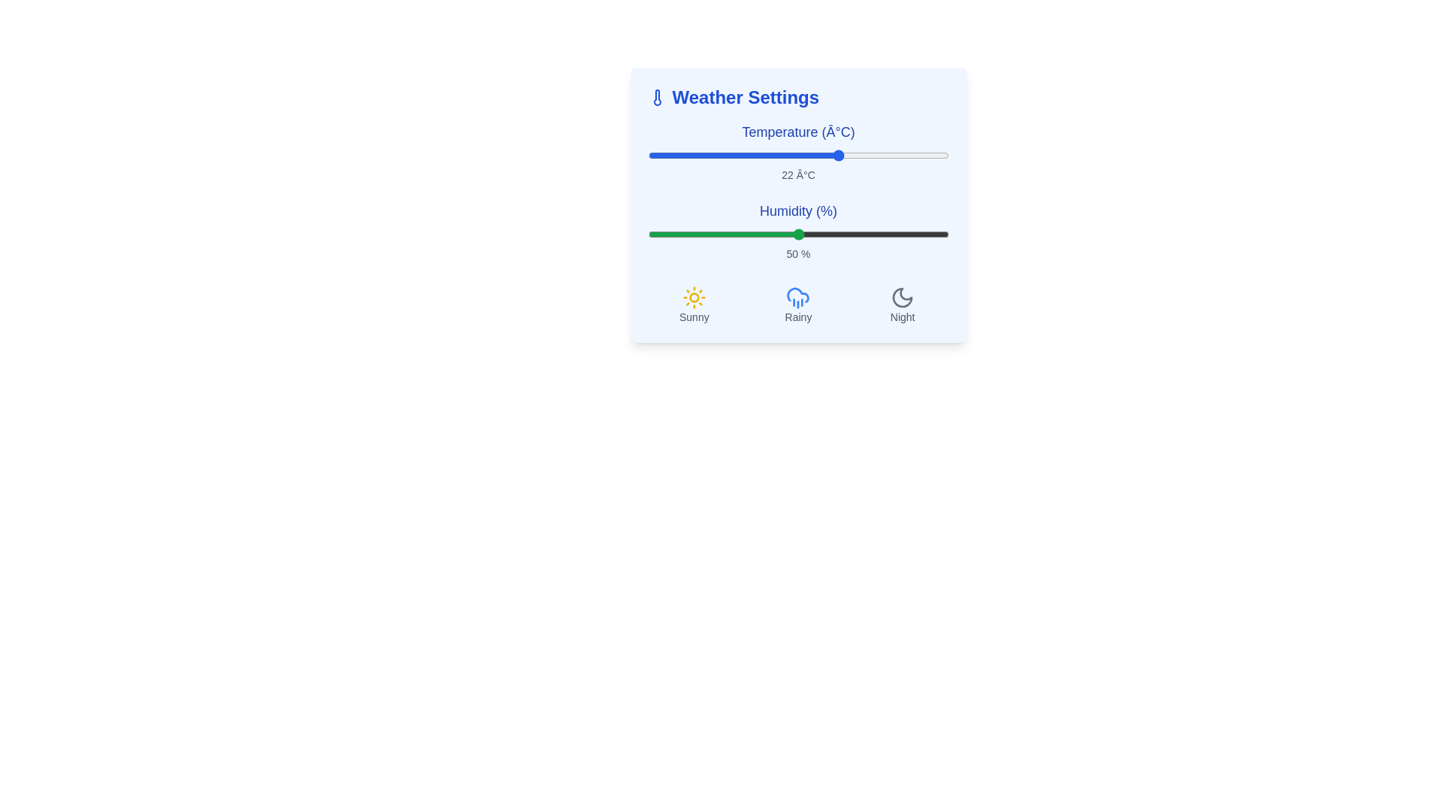  Describe the element at coordinates (797, 253) in the screenshot. I see `text from the label displaying '50 %', which is a small-sized, gray-colored font centered below the green progress slider for humidity` at that location.